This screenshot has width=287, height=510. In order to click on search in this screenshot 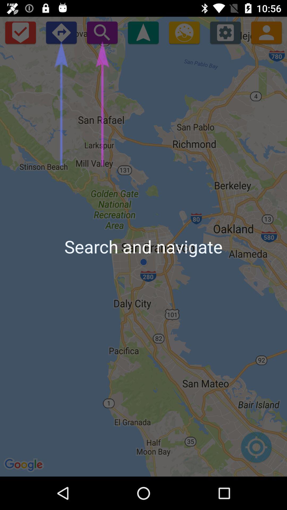, I will do `click(102, 32)`.